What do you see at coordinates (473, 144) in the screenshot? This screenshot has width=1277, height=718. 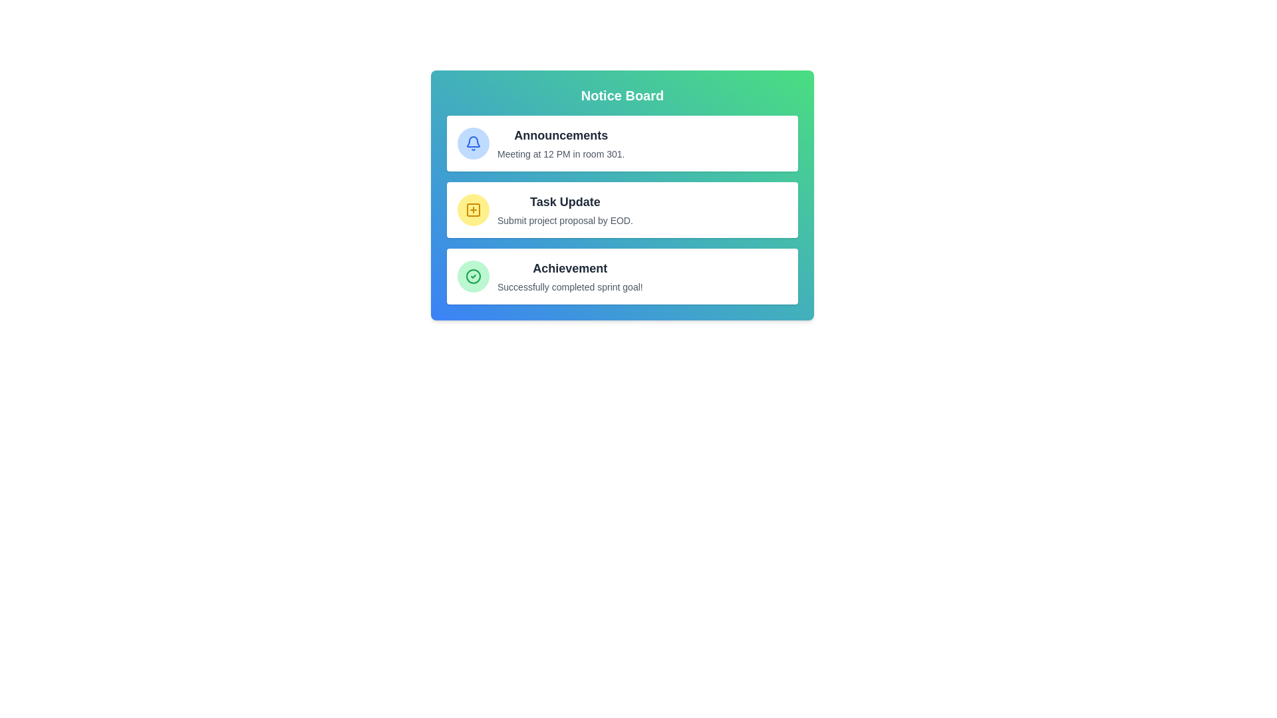 I see `the icon representing the message type info` at bounding box center [473, 144].